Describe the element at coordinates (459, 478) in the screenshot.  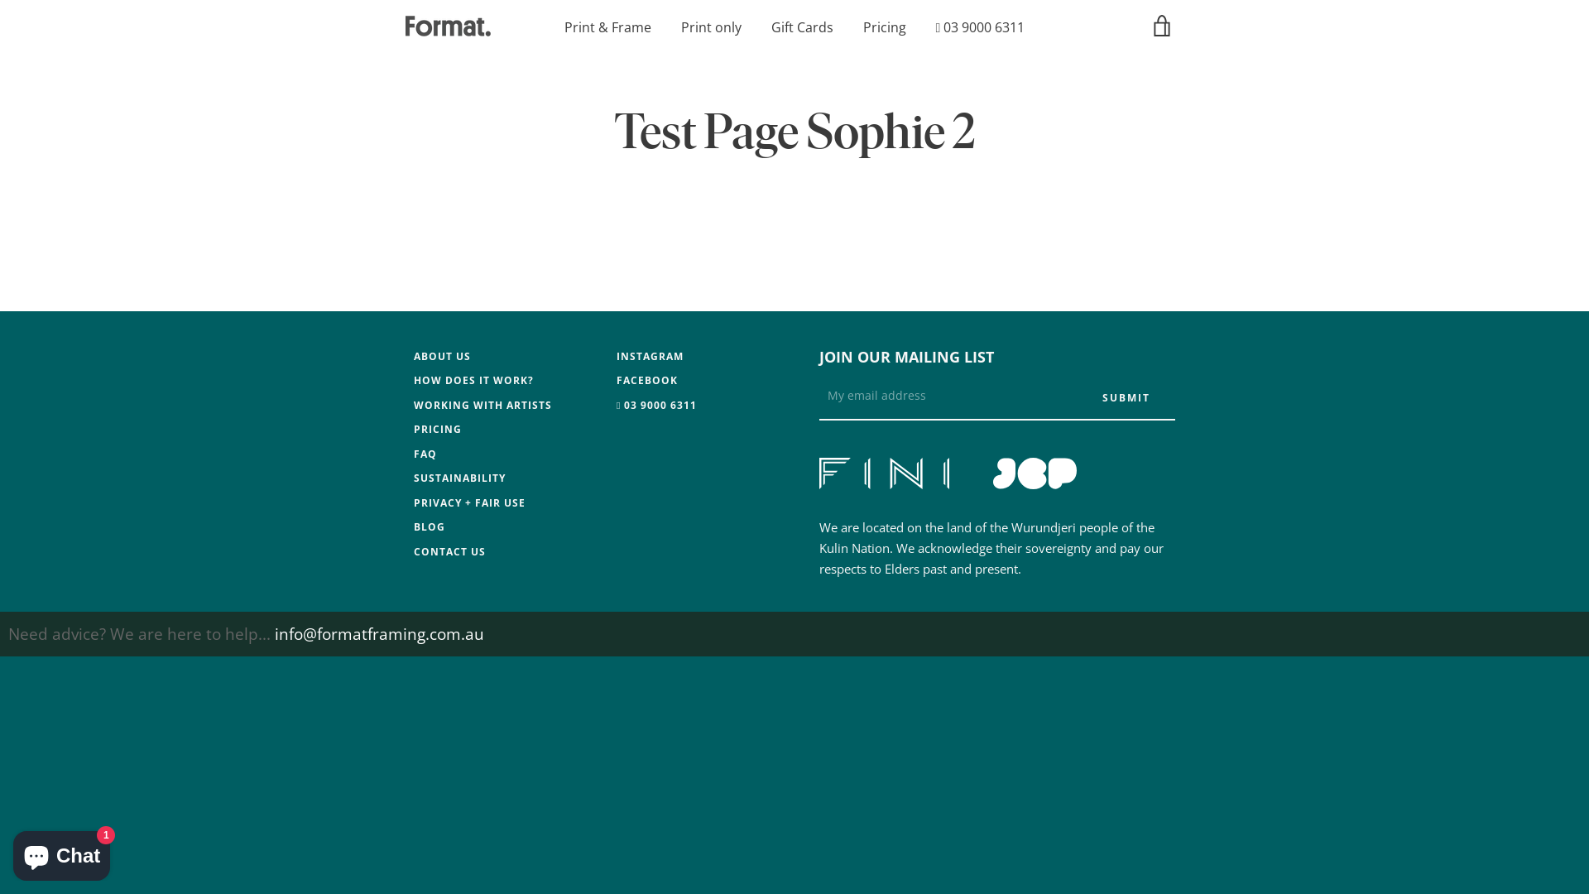
I see `'SUSTAINABILITY'` at that location.